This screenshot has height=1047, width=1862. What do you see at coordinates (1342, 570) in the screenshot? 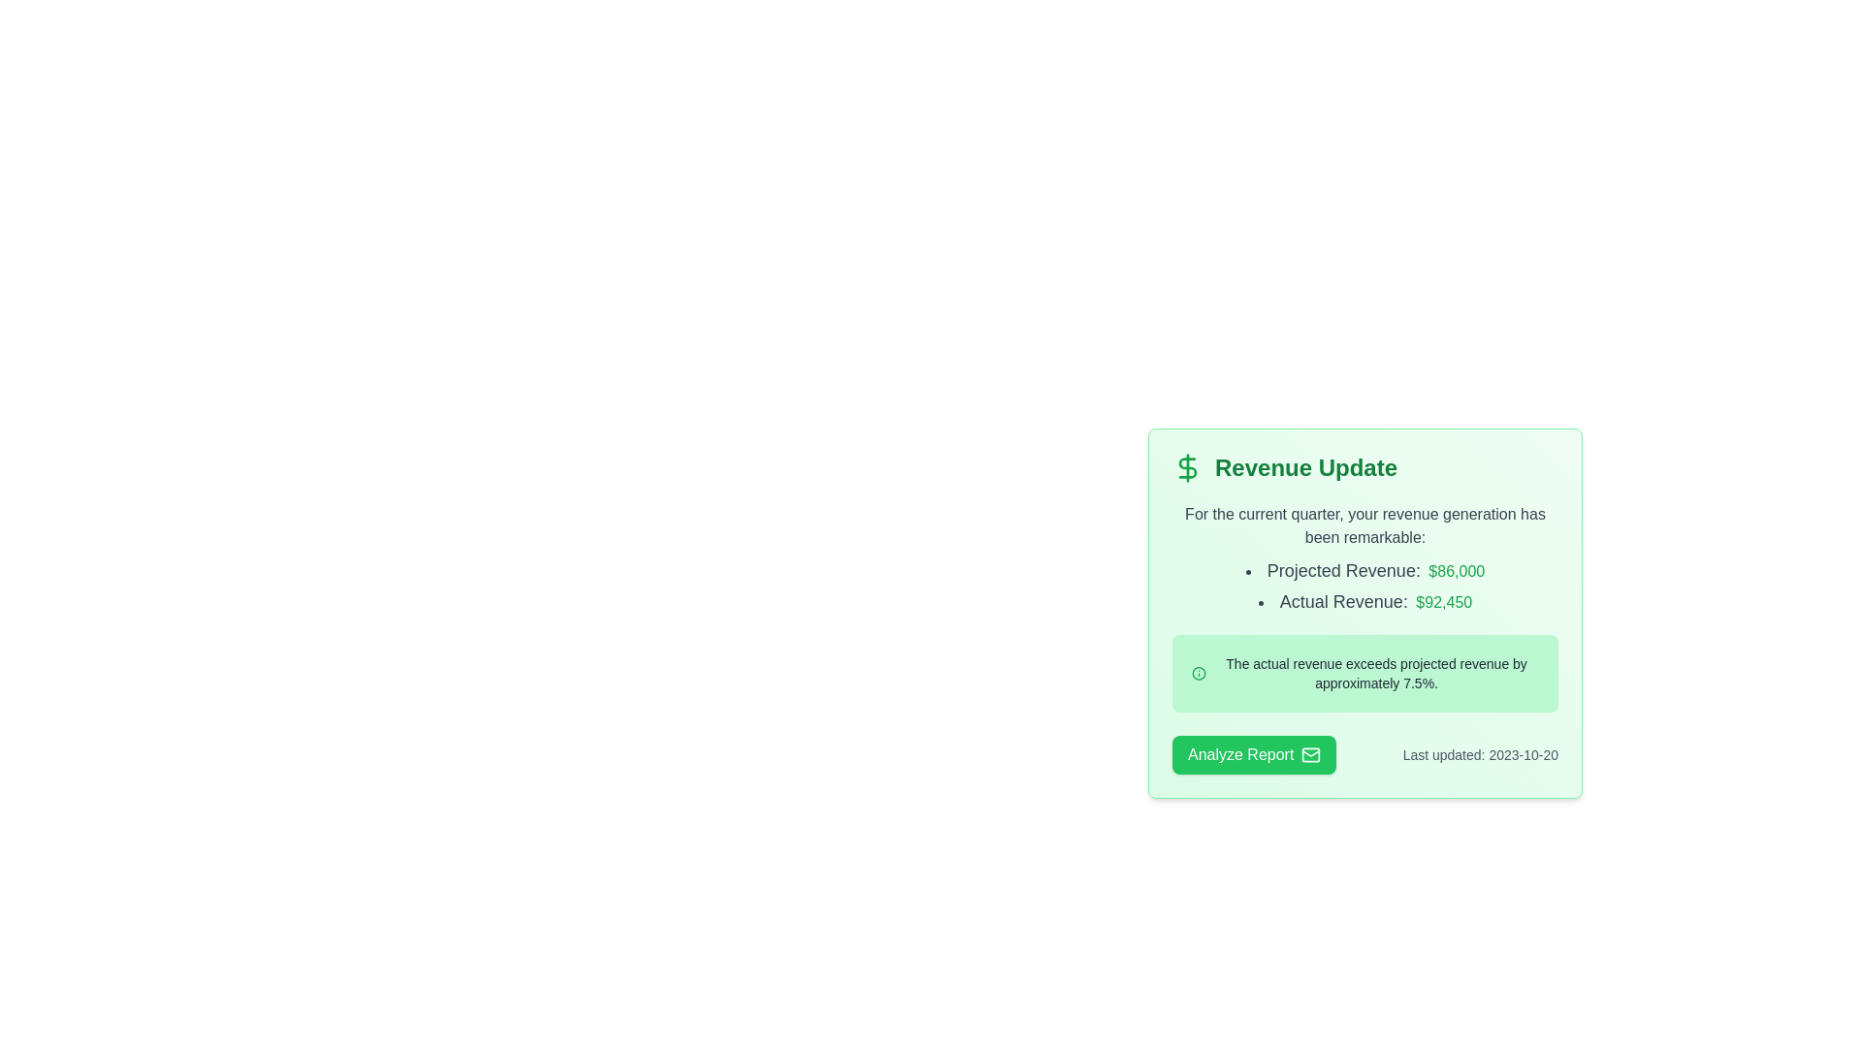
I see `the Text Label that describes the corresponding revenue amount displayed to its right, located within the green box labeled 'Revenue Update'` at bounding box center [1342, 570].